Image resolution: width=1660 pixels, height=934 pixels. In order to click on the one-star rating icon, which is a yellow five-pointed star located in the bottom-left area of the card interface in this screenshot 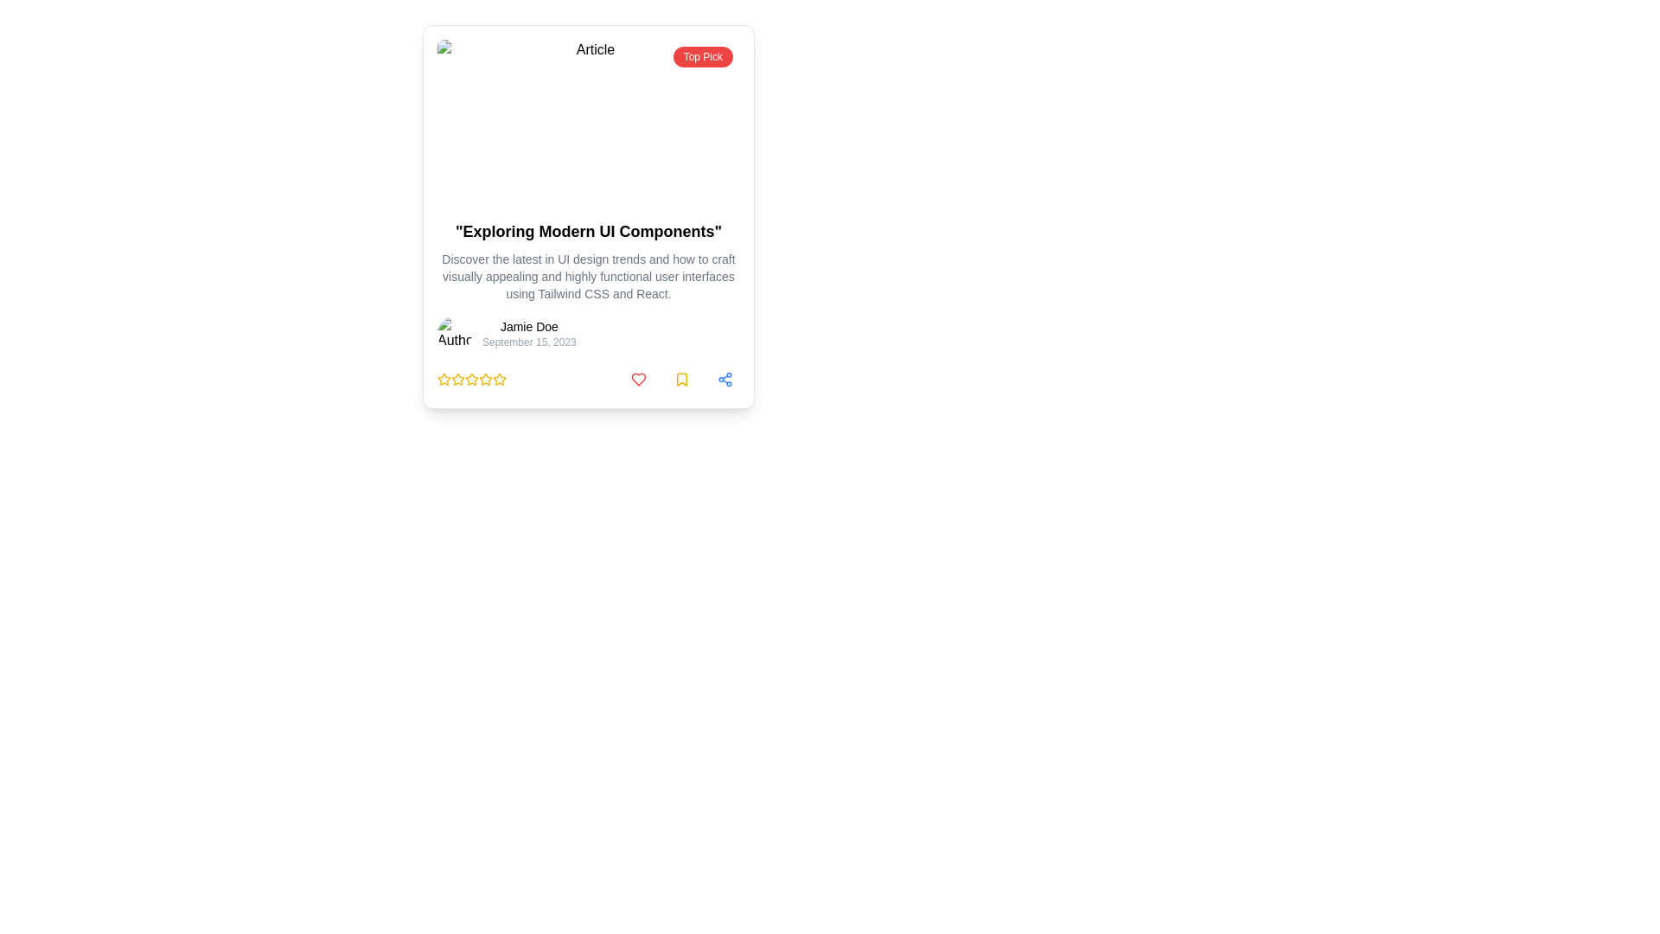, I will do `click(457, 378)`.